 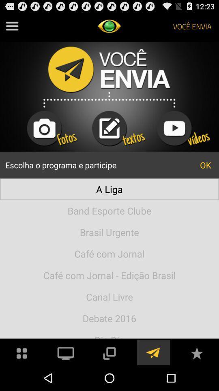 What do you see at coordinates (12, 26) in the screenshot?
I see `hamburger menu` at bounding box center [12, 26].